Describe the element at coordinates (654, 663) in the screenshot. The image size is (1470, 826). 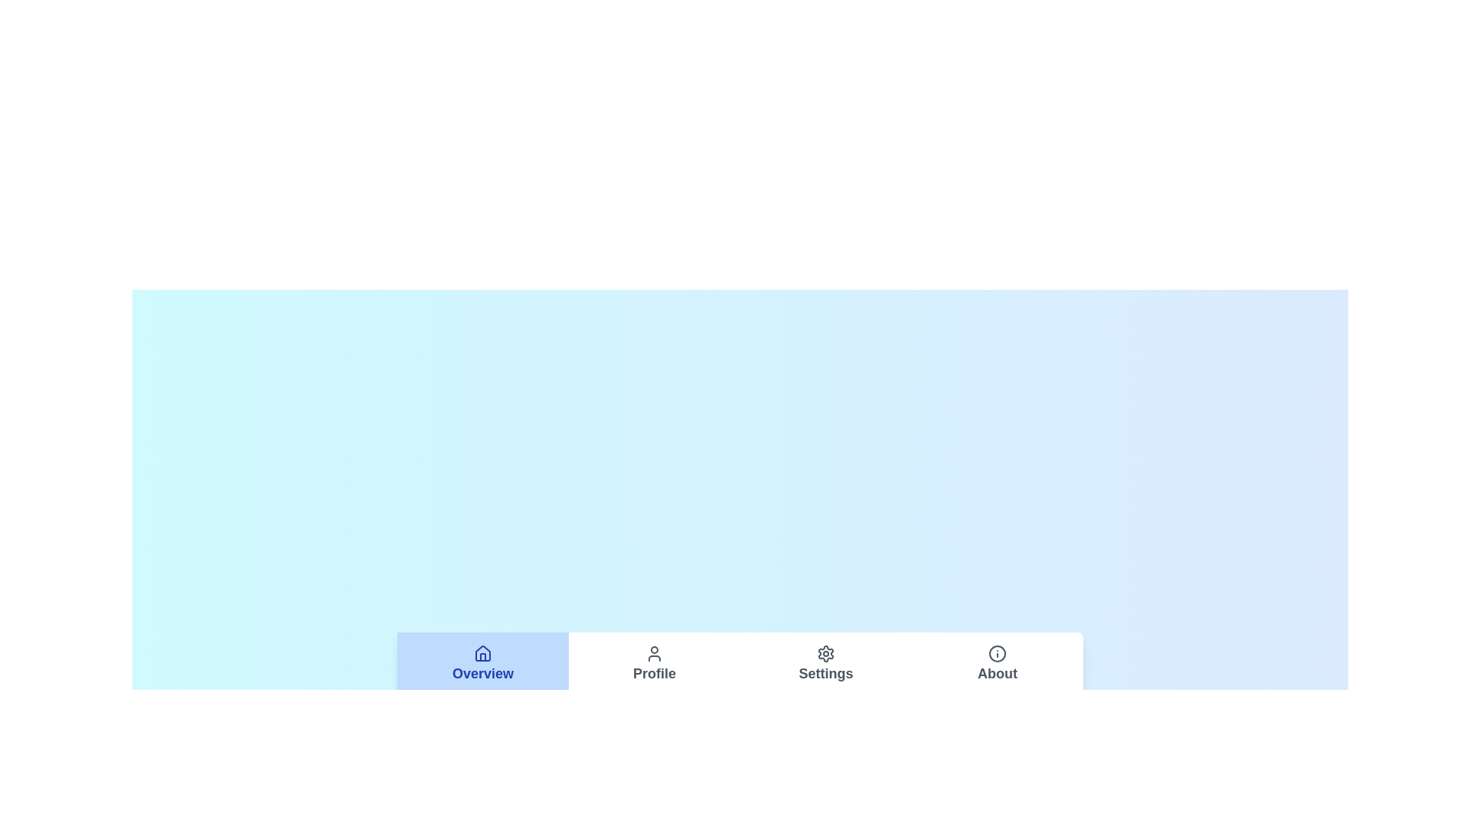
I see `the Profile tab` at that location.